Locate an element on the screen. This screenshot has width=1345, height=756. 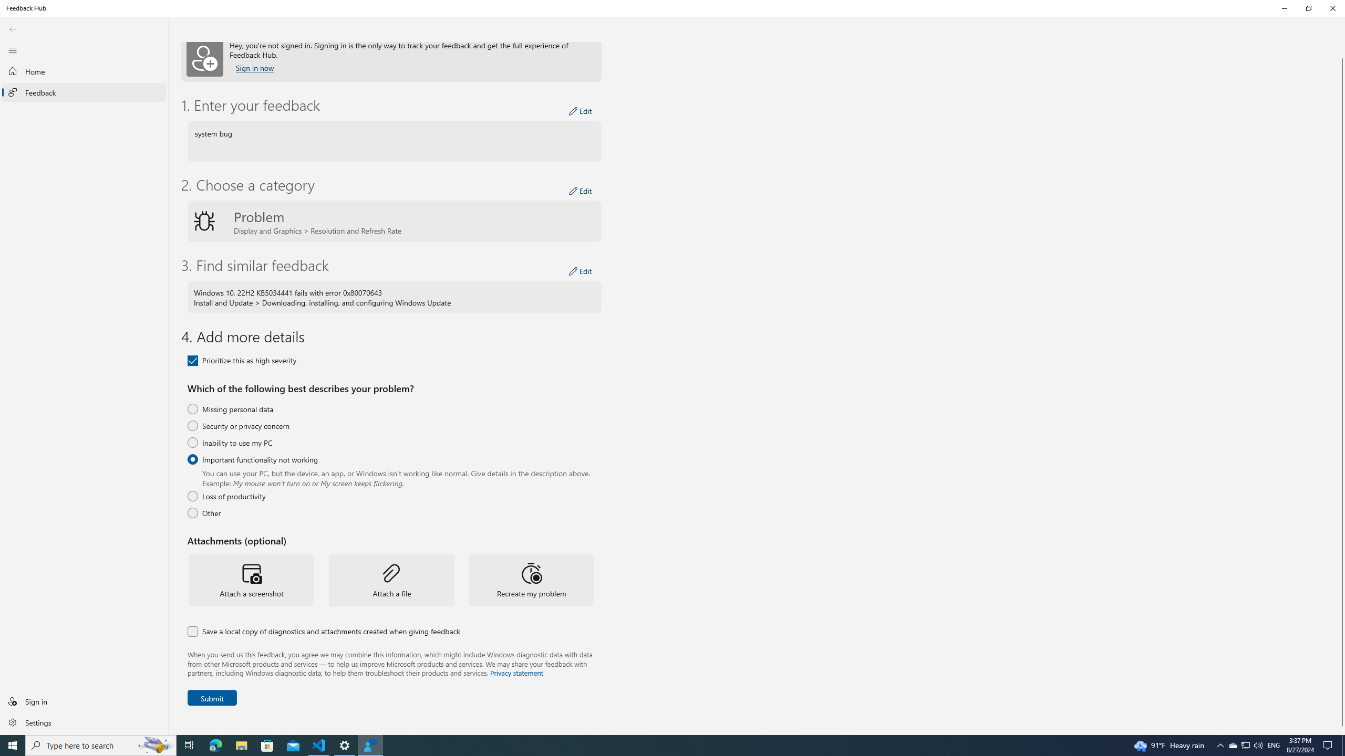
'Attach a file. Will open a file dialog.' is located at coordinates (391, 580).